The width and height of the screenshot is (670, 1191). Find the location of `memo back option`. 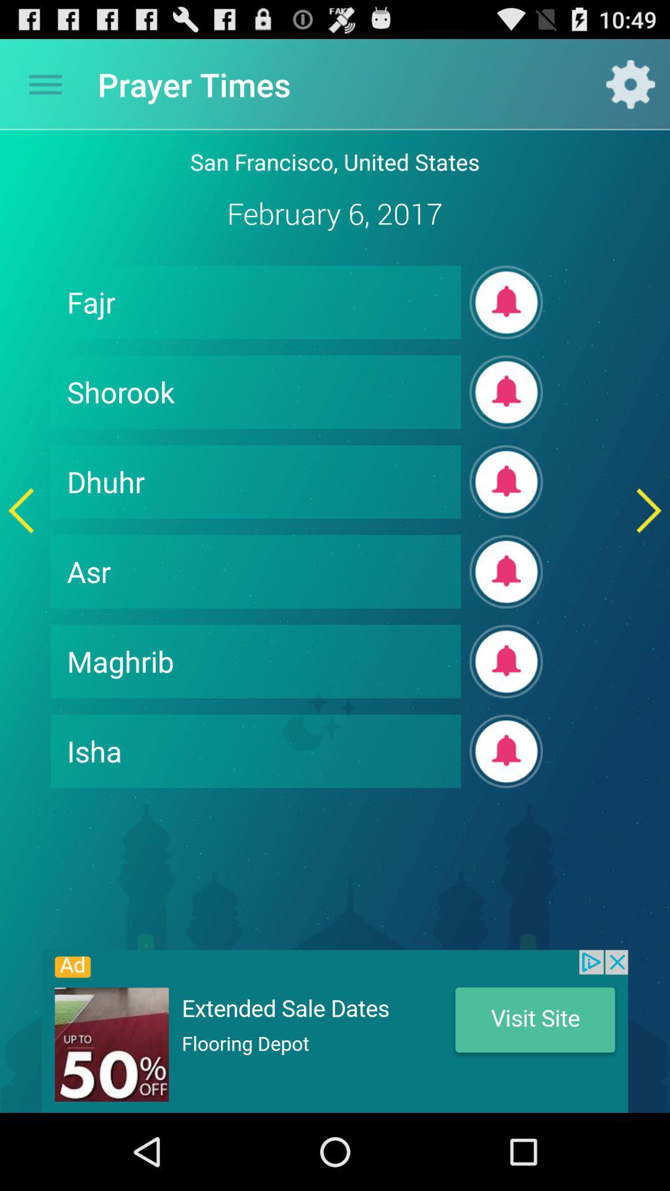

memo back option is located at coordinates (21, 511).